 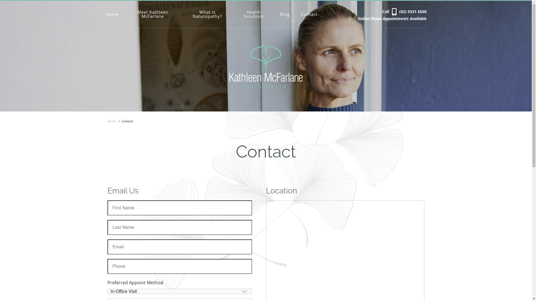 What do you see at coordinates (404, 11) in the screenshot?
I see `'Call` at bounding box center [404, 11].